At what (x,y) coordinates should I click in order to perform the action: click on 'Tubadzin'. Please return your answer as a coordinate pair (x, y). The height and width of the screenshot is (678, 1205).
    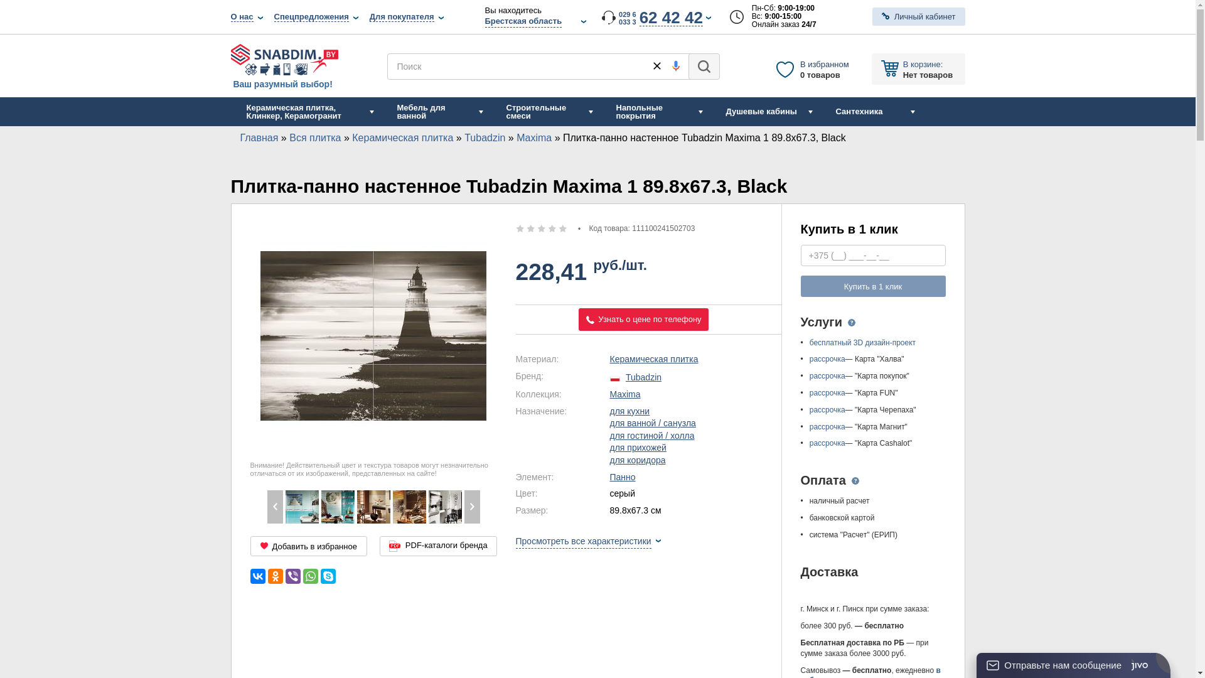
    Looking at the image, I should click on (484, 137).